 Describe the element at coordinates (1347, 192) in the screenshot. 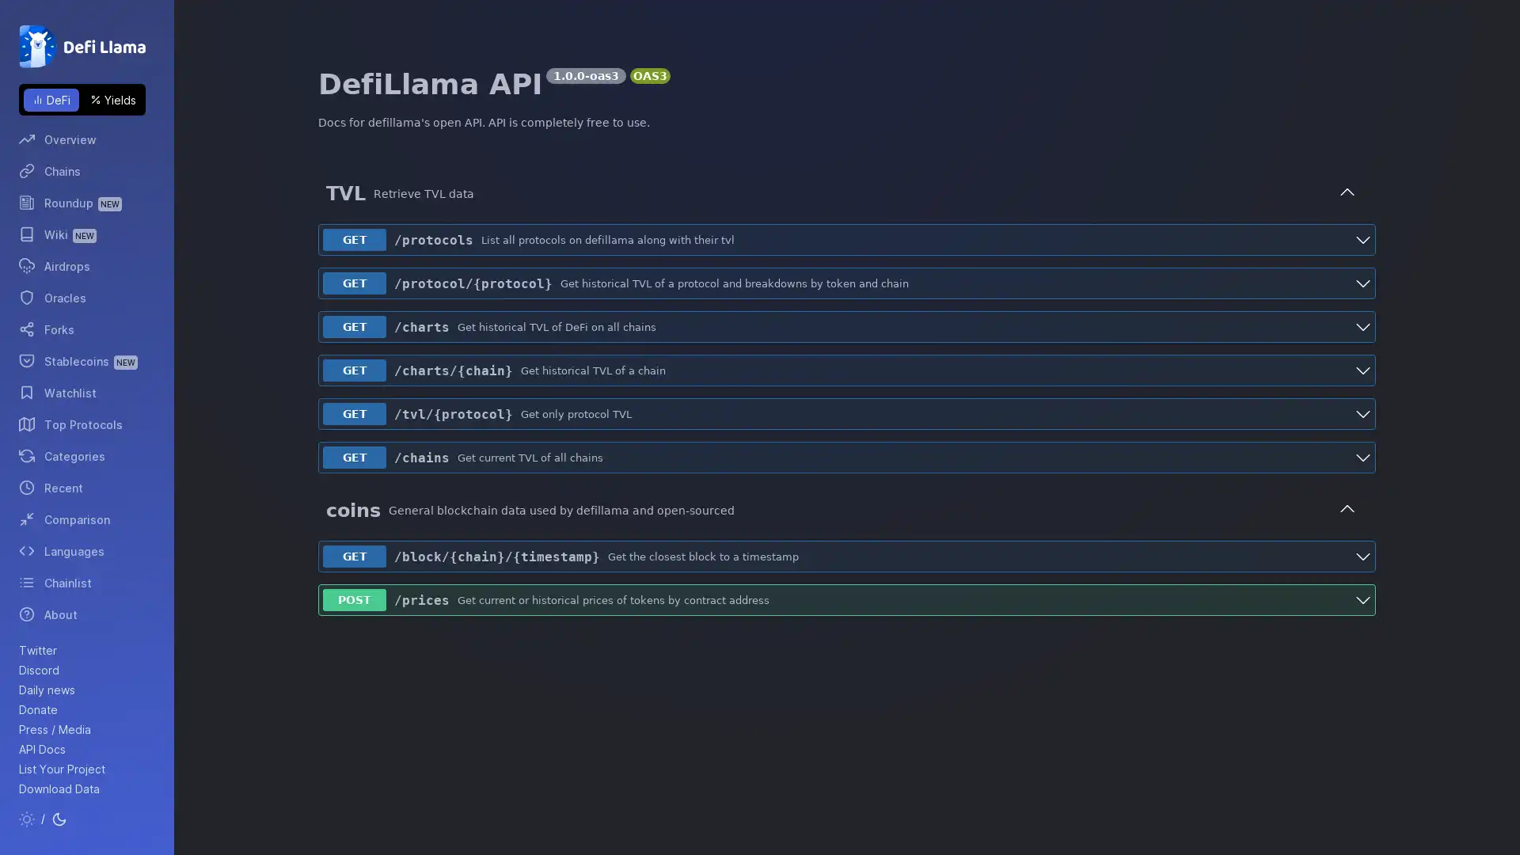

I see `Collapse operation` at that location.